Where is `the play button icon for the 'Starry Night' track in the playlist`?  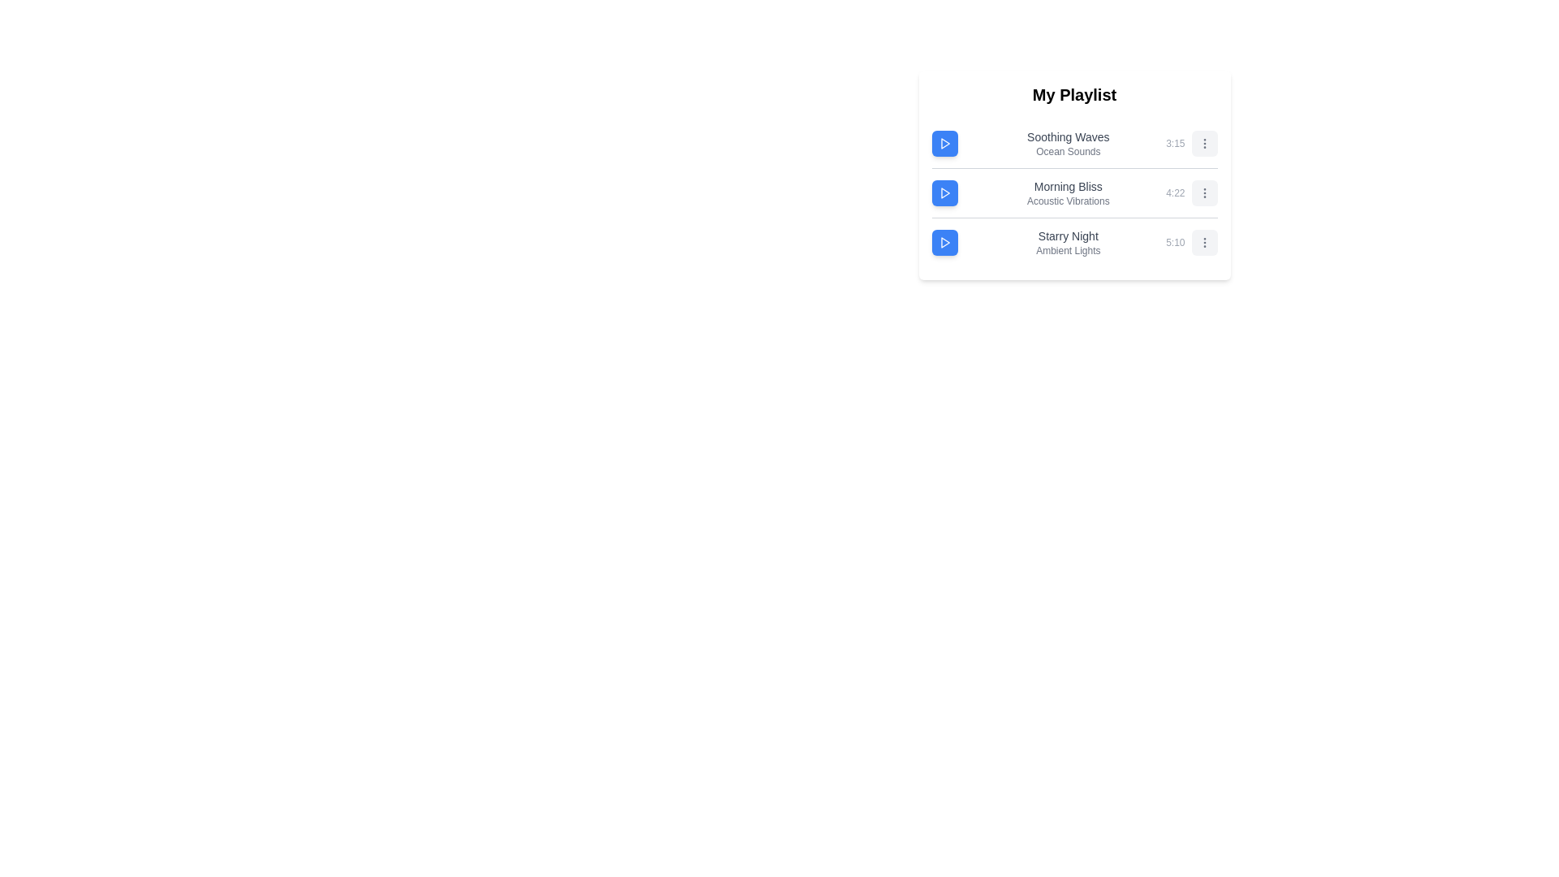
the play button icon for the 'Starry Night' track in the playlist is located at coordinates (945, 243).